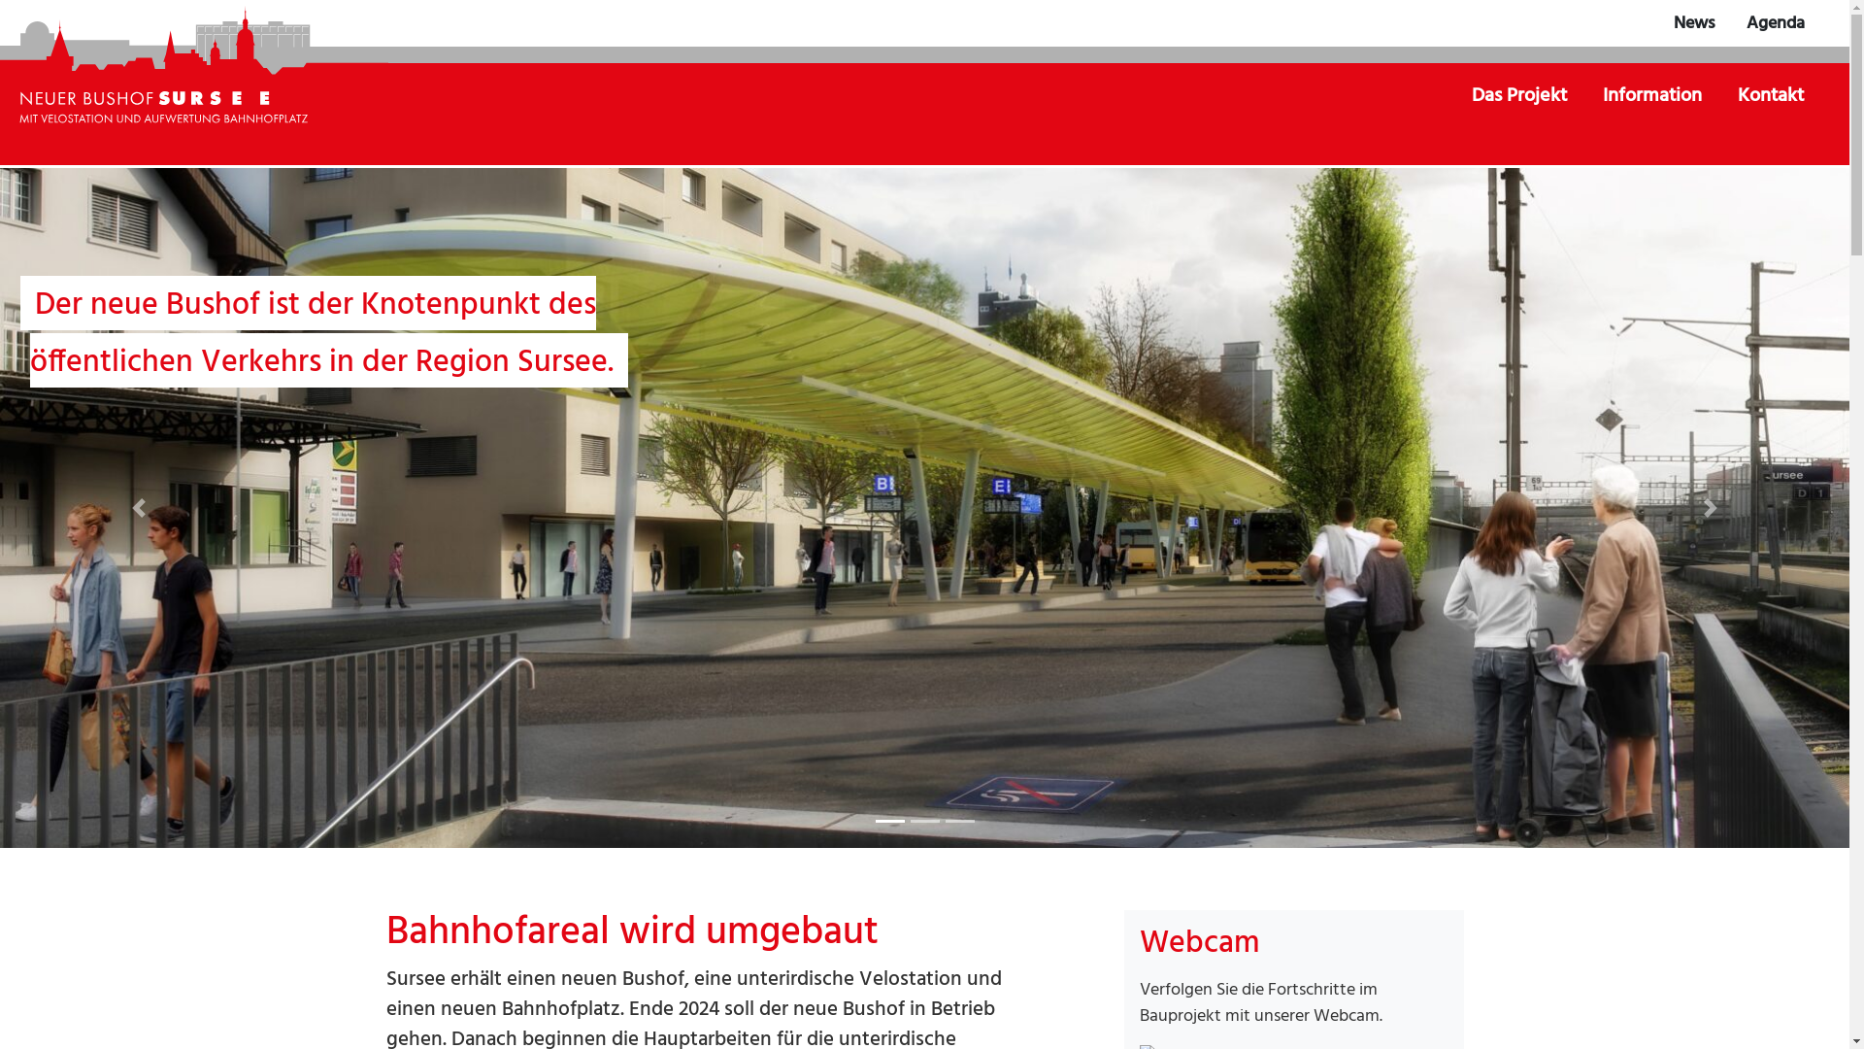 This screenshot has height=1049, width=1864. What do you see at coordinates (1519, 96) in the screenshot?
I see `'Das Projekt'` at bounding box center [1519, 96].